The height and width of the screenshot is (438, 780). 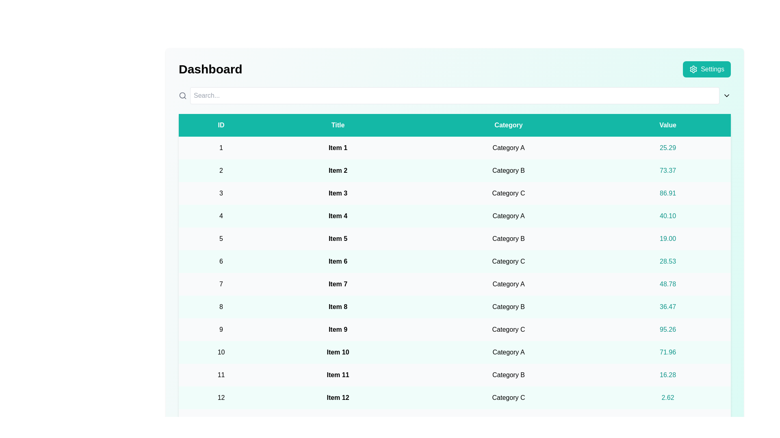 I want to click on the 'ChevronDown' icon next to the search input, so click(x=727, y=95).